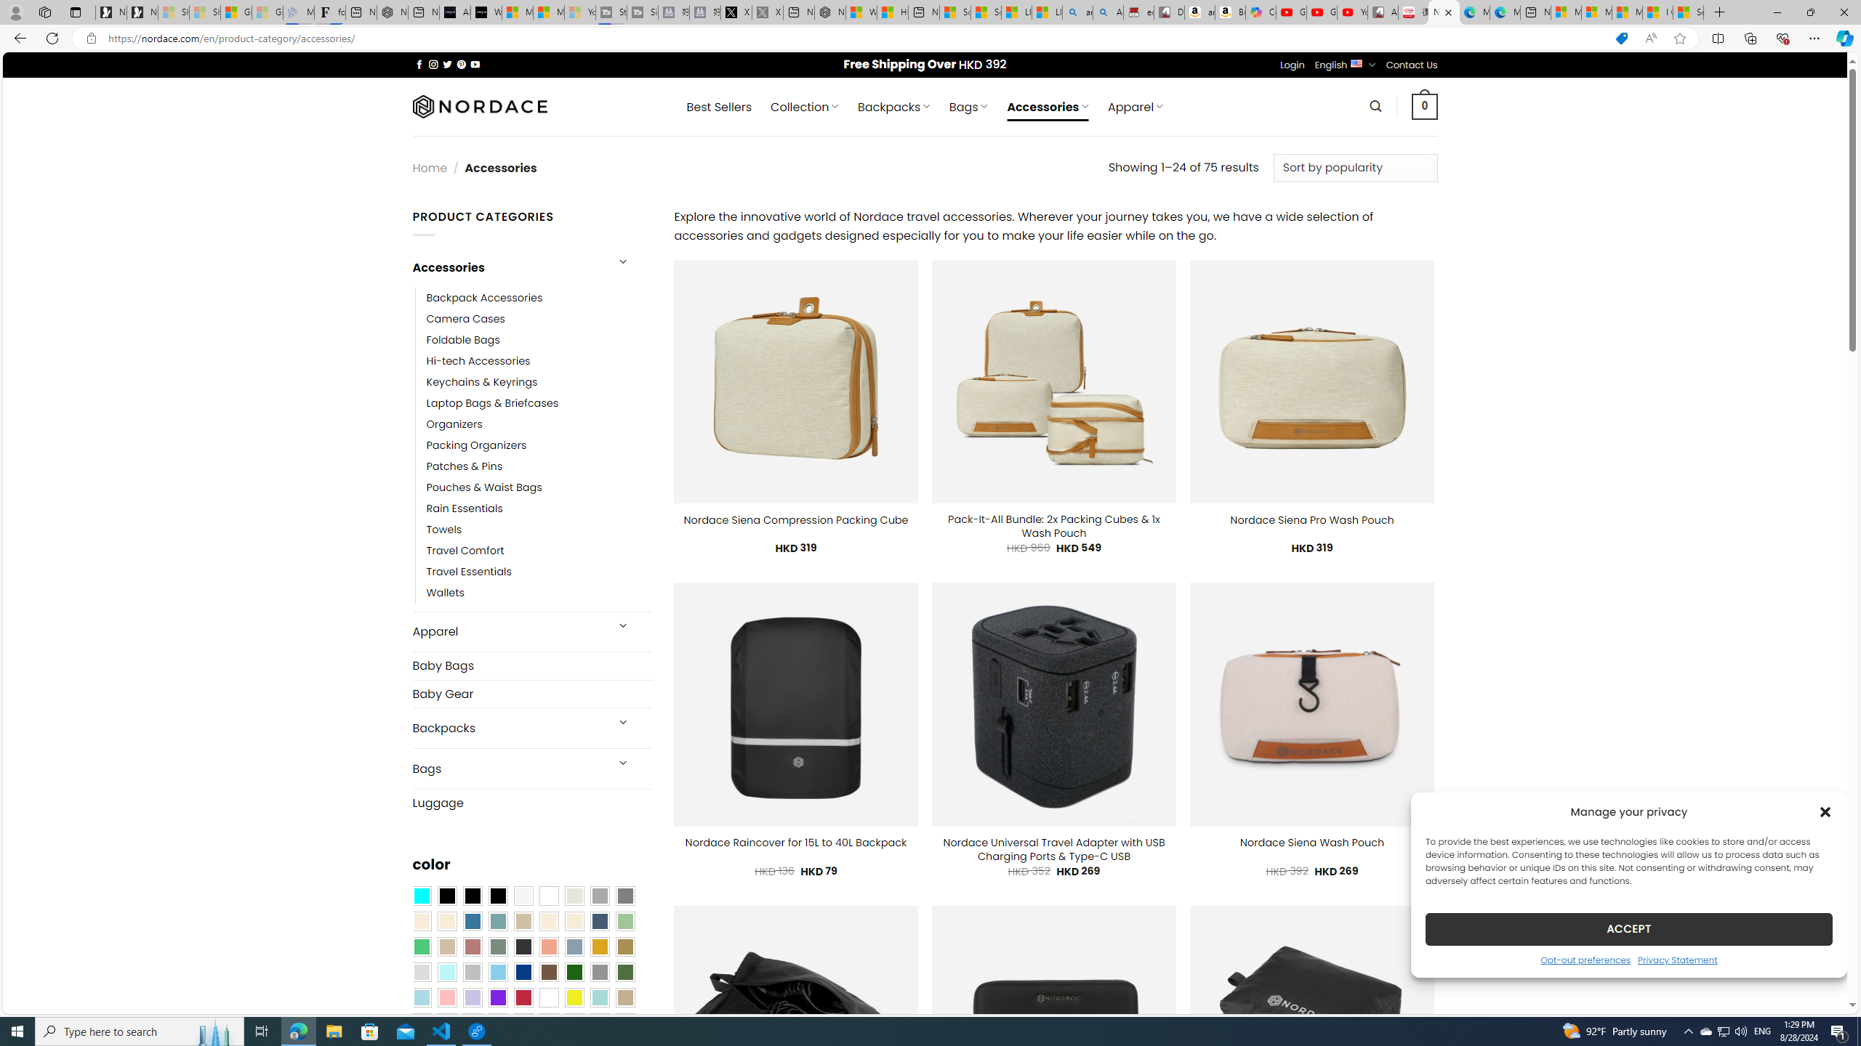 This screenshot has width=1861, height=1046. Describe the element at coordinates (1260, 12) in the screenshot. I see `'Copilot'` at that location.